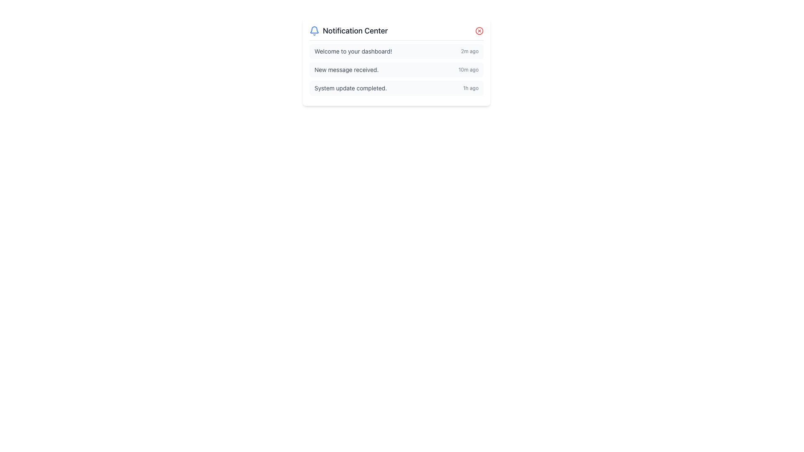 The width and height of the screenshot is (804, 452). What do you see at coordinates (396, 69) in the screenshot?
I see `the second notification item in the notification list to read the details, which contains the message 'New message received.' and the time '10m ago'` at bounding box center [396, 69].